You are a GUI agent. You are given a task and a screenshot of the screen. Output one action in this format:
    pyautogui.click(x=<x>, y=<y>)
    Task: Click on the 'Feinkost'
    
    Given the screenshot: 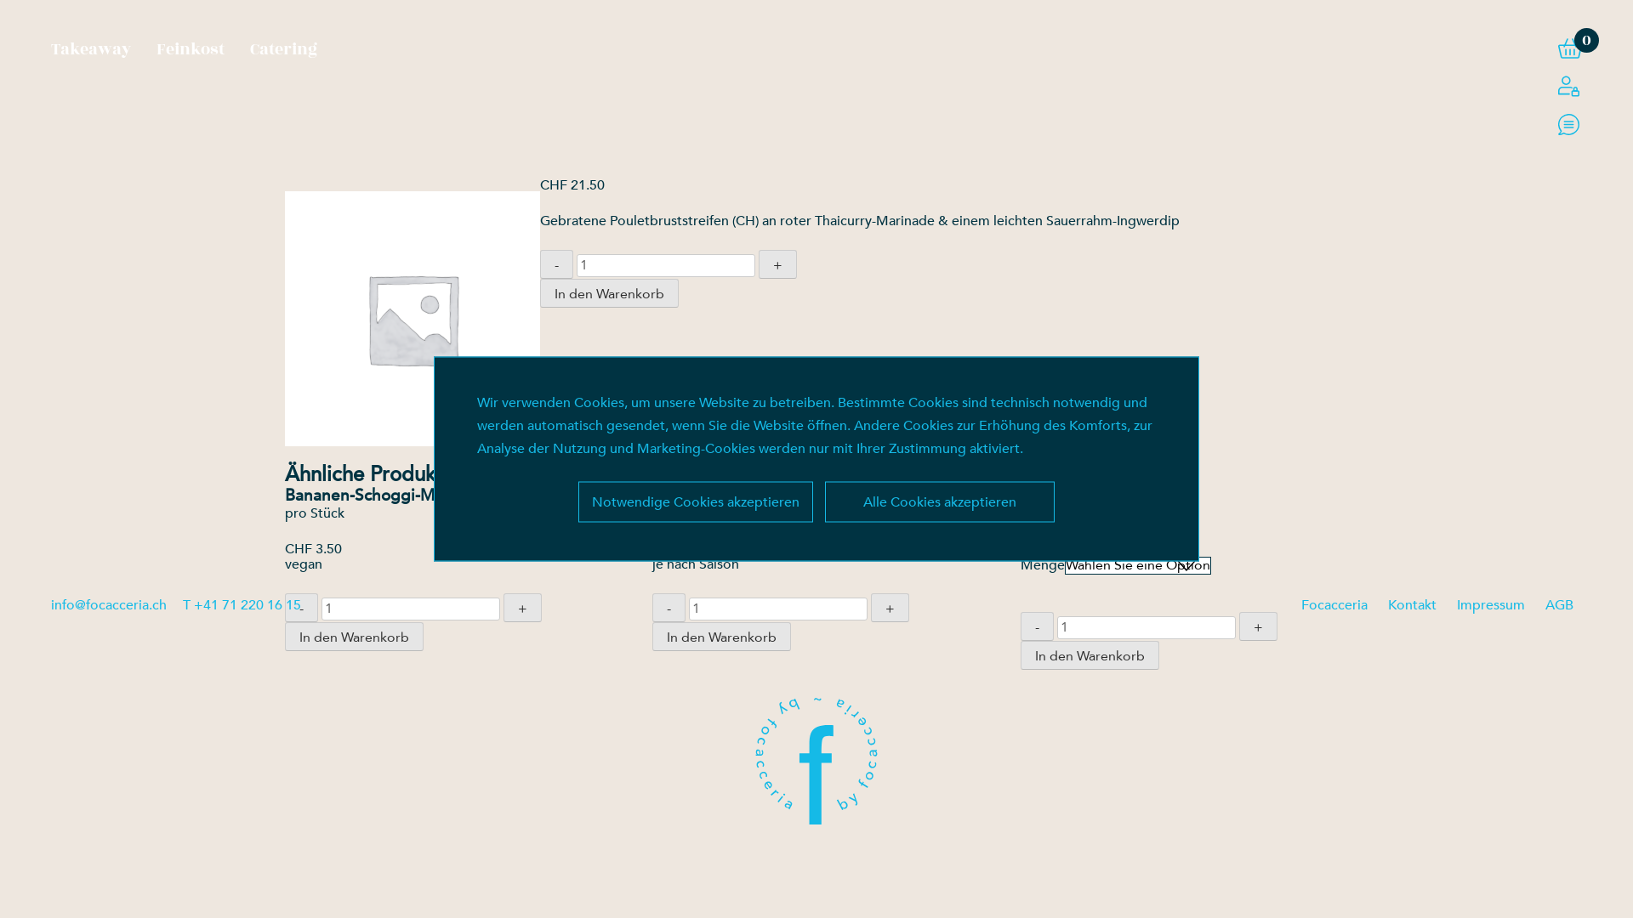 What is the action you would take?
    pyautogui.click(x=191, y=48)
    